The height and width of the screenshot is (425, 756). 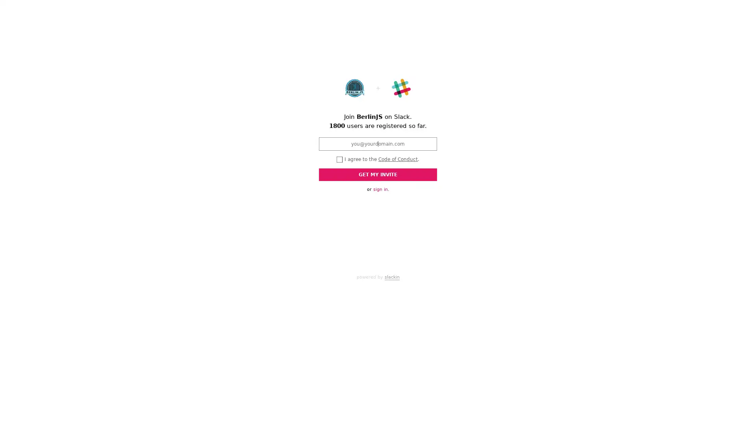 What do you see at coordinates (378, 174) in the screenshot?
I see `GET MY INVITE` at bounding box center [378, 174].